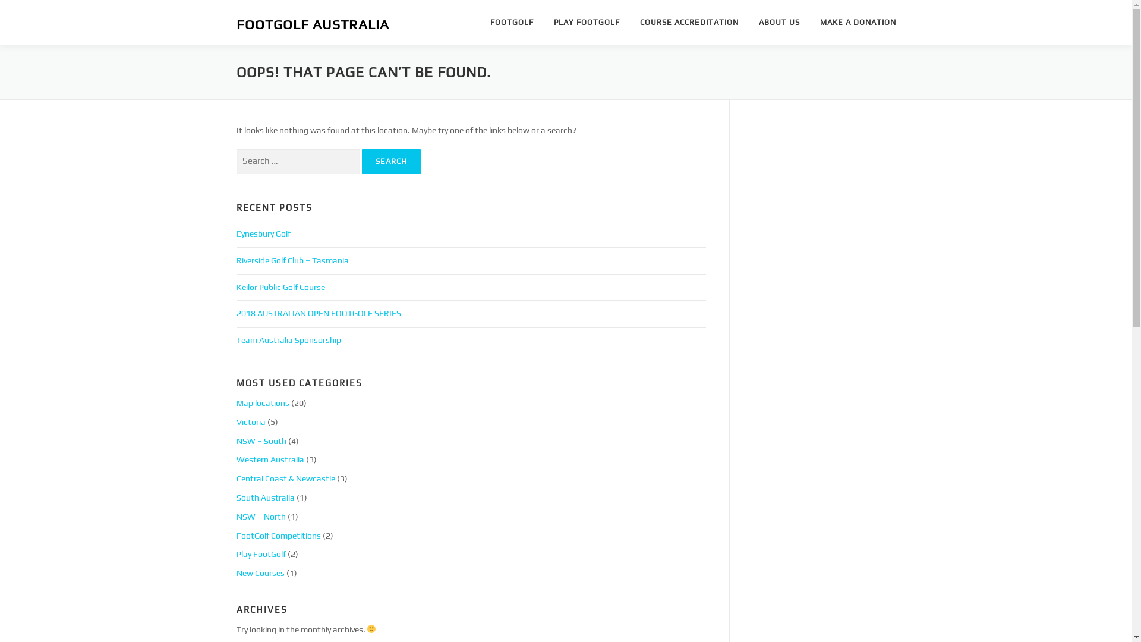 This screenshot has height=642, width=1141. What do you see at coordinates (260, 572) in the screenshot?
I see `'New Courses'` at bounding box center [260, 572].